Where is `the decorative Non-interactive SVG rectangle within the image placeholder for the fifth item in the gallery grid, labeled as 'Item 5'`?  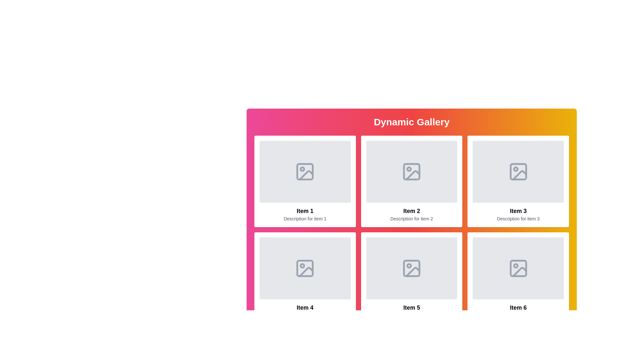
the decorative Non-interactive SVG rectangle within the image placeholder for the fifth item in the gallery grid, labeled as 'Item 5' is located at coordinates (411, 268).